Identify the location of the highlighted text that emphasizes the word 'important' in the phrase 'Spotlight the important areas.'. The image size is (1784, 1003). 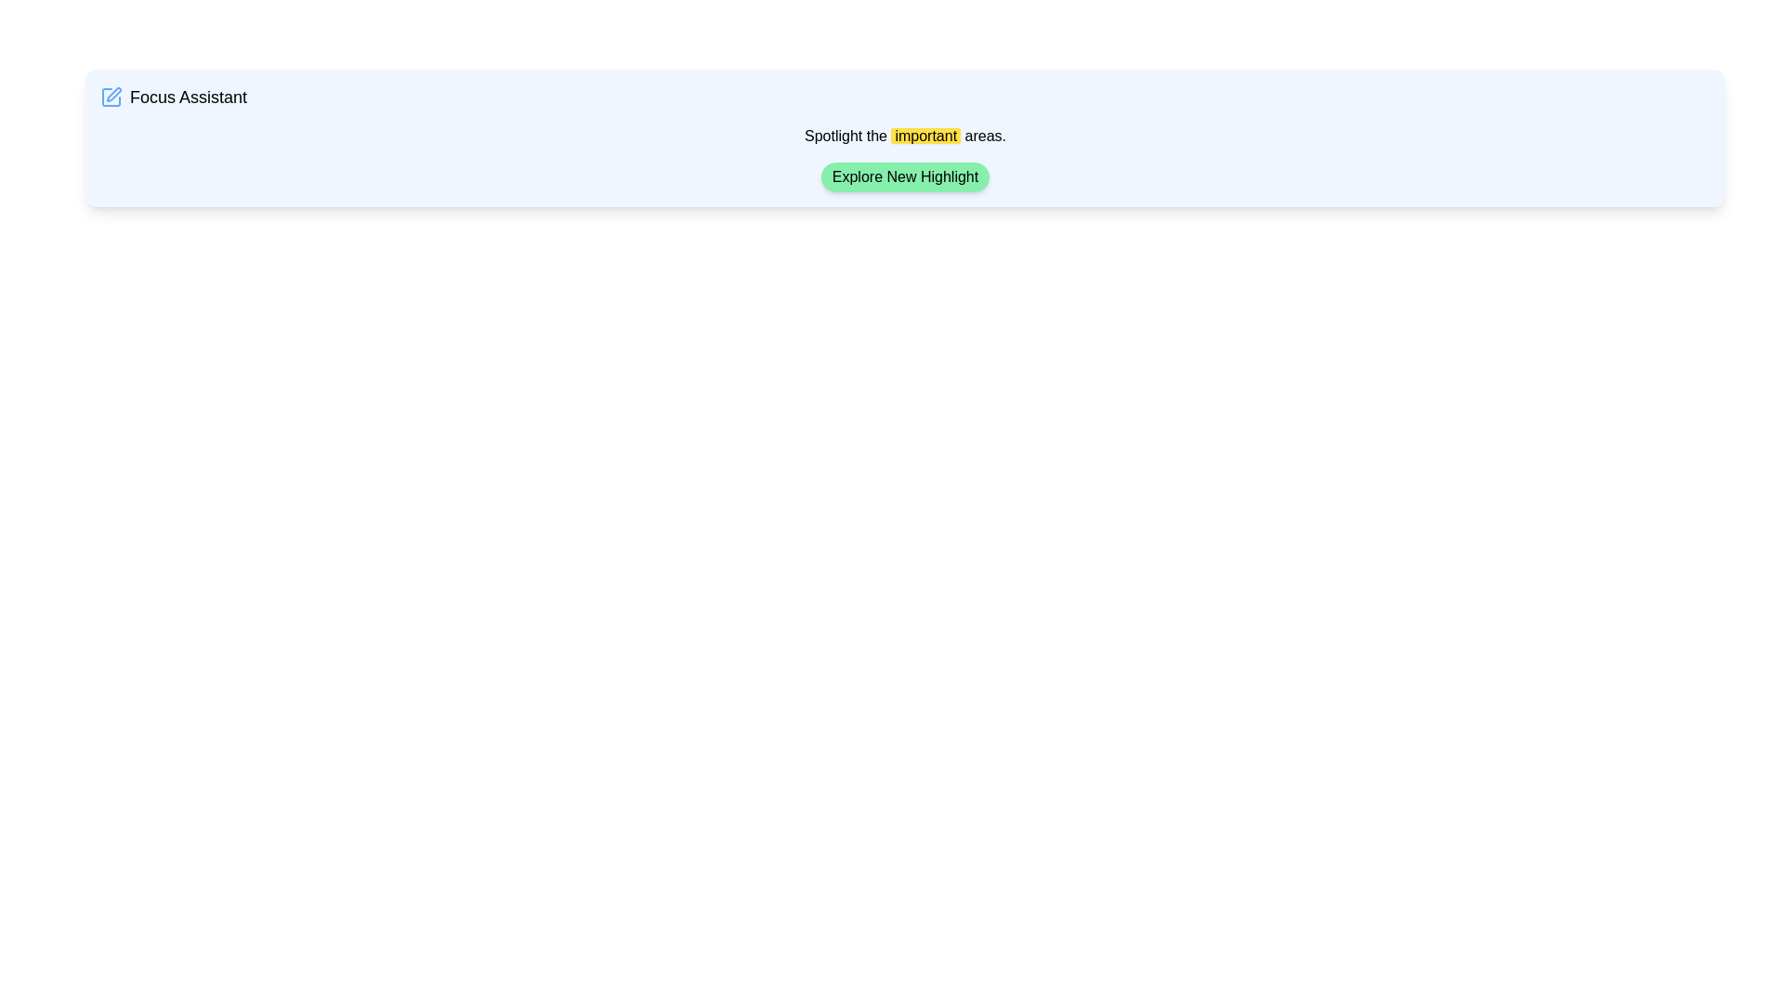
(925, 135).